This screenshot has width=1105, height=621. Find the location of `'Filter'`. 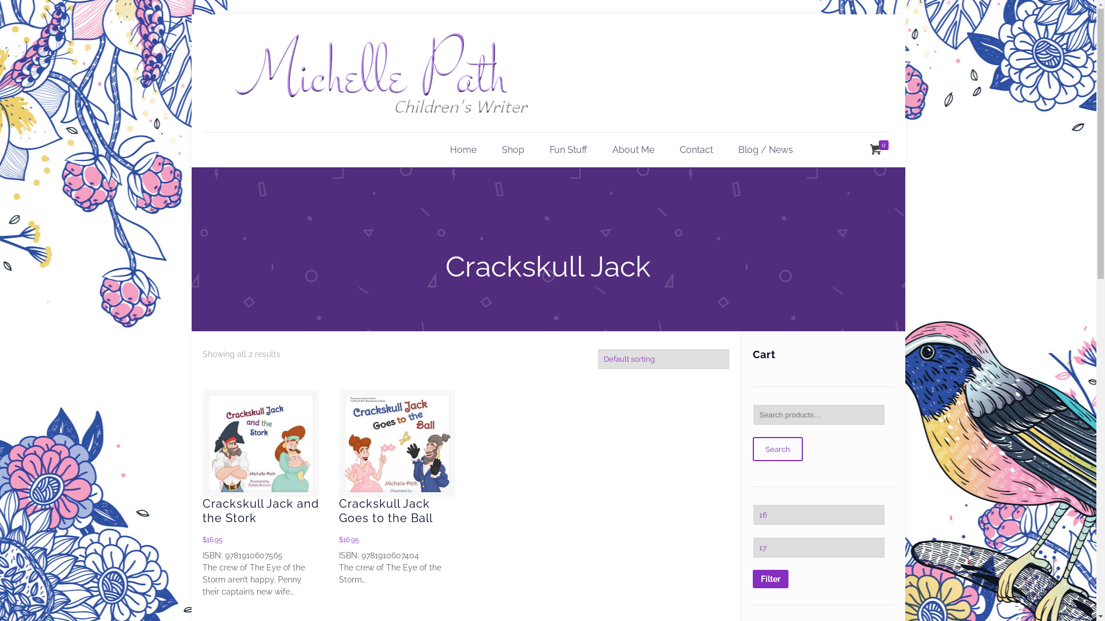

'Filter' is located at coordinates (771, 578).